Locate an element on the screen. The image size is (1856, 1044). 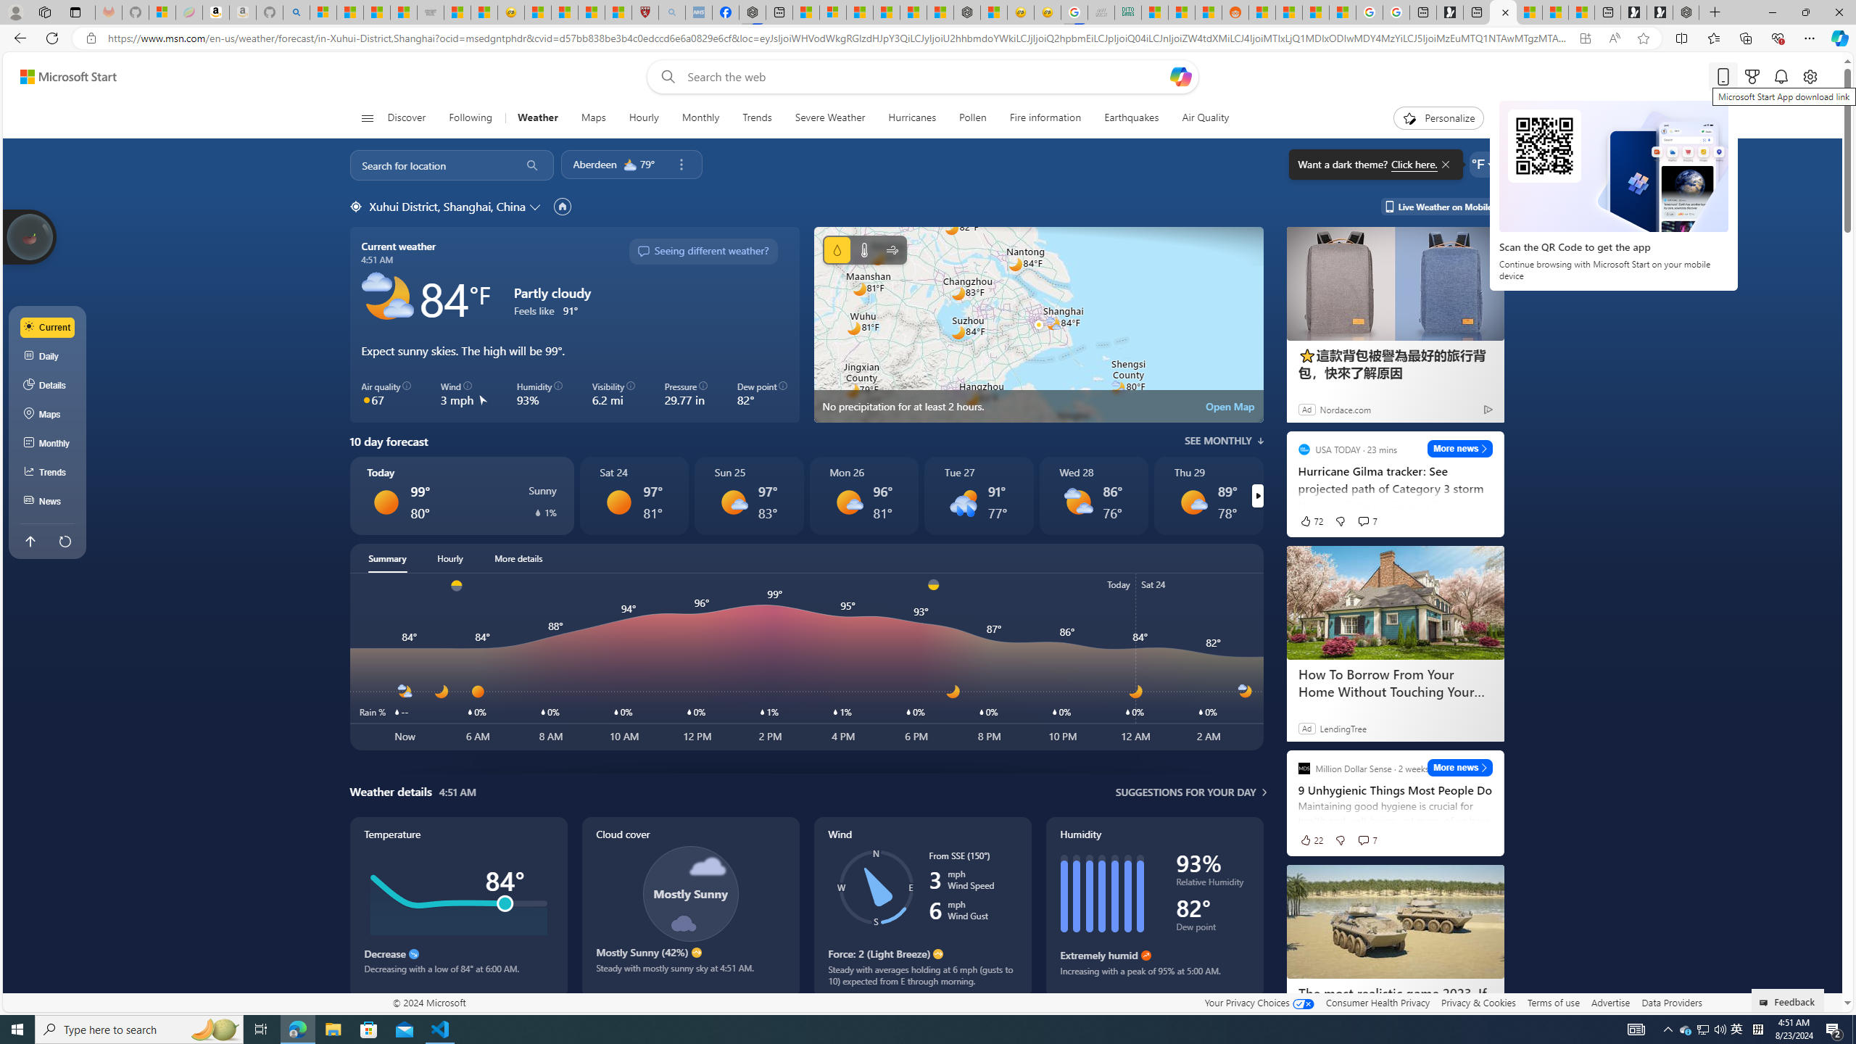
'Humidity 93%' is located at coordinates (539, 394).